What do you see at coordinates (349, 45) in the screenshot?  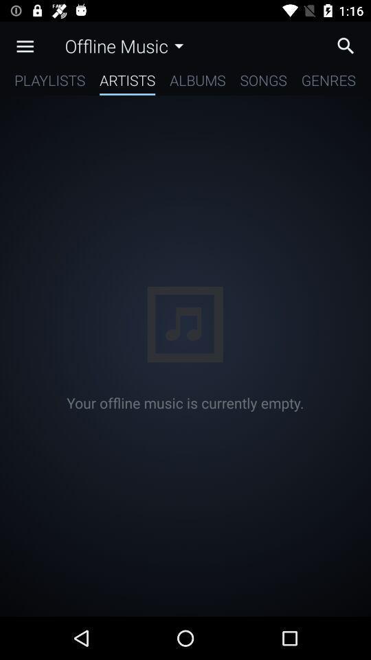 I see `click search option` at bounding box center [349, 45].